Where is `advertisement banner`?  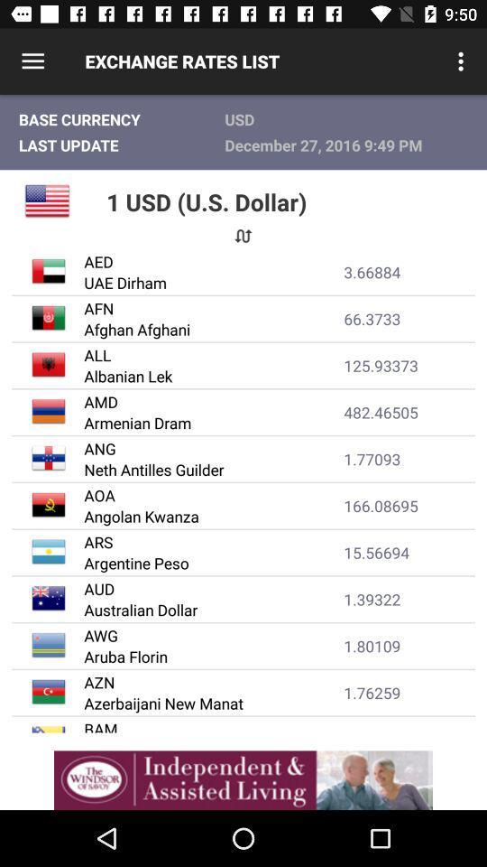 advertisement banner is located at coordinates (243, 779).